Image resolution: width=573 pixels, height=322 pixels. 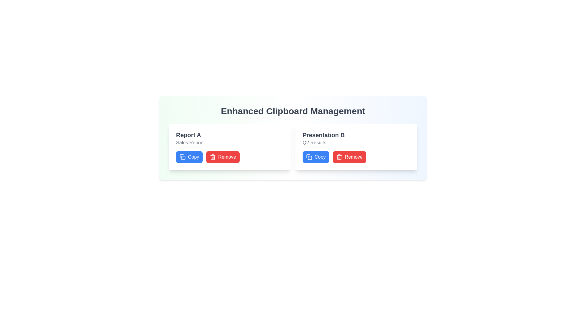 I want to click on text displayed in the 'Report A' element, which is a bold, medium-sized dark gray text located at the top-left corner of a card-like component, so click(x=188, y=135).